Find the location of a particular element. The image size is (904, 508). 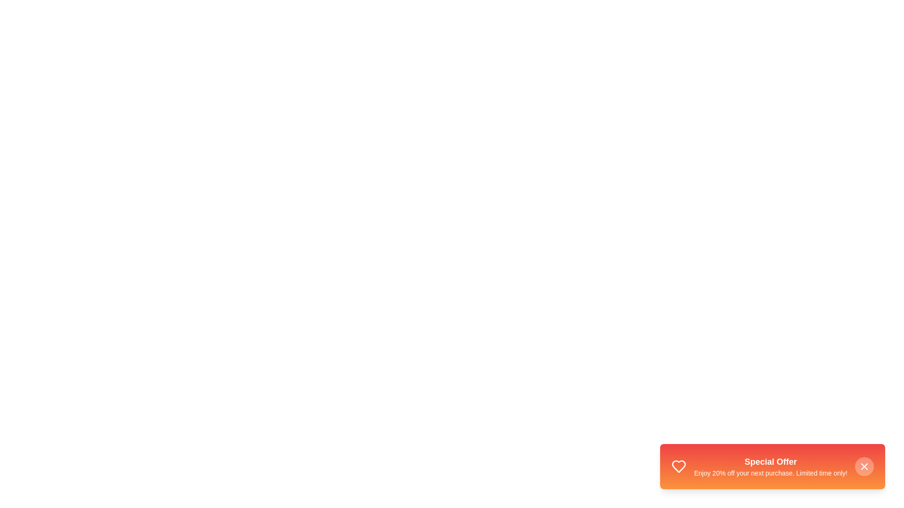

the close button to hide the snackbar is located at coordinates (864, 466).